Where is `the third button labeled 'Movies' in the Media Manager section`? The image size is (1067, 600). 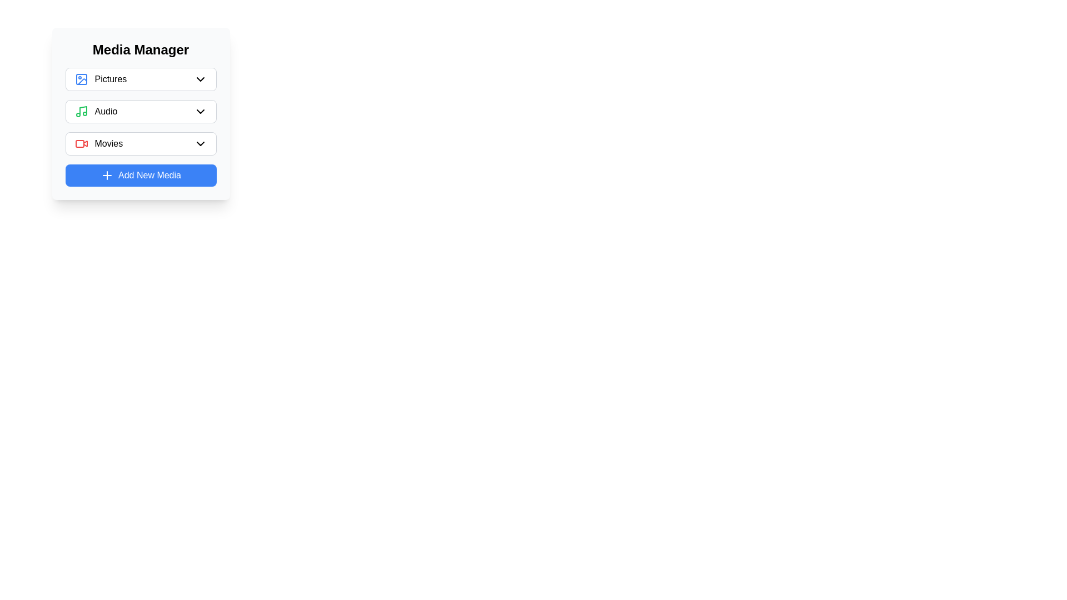
the third button labeled 'Movies' in the Media Manager section is located at coordinates (140, 143).